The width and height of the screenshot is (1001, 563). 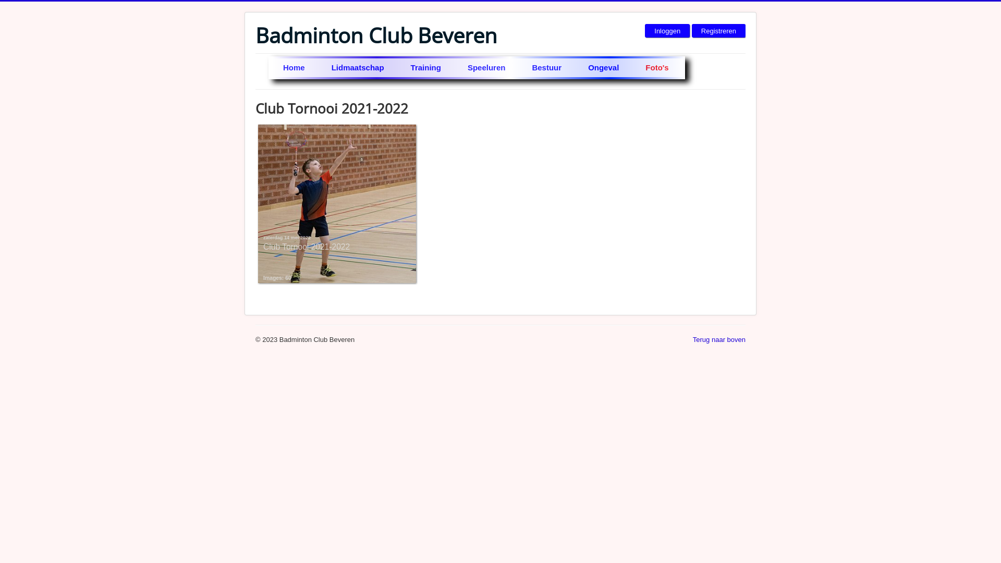 I want to click on 'Speeluren', so click(x=487, y=68).